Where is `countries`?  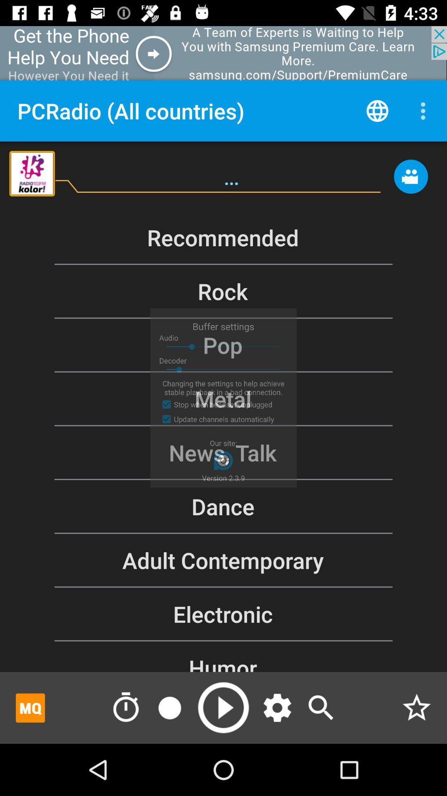
countries is located at coordinates (377, 110).